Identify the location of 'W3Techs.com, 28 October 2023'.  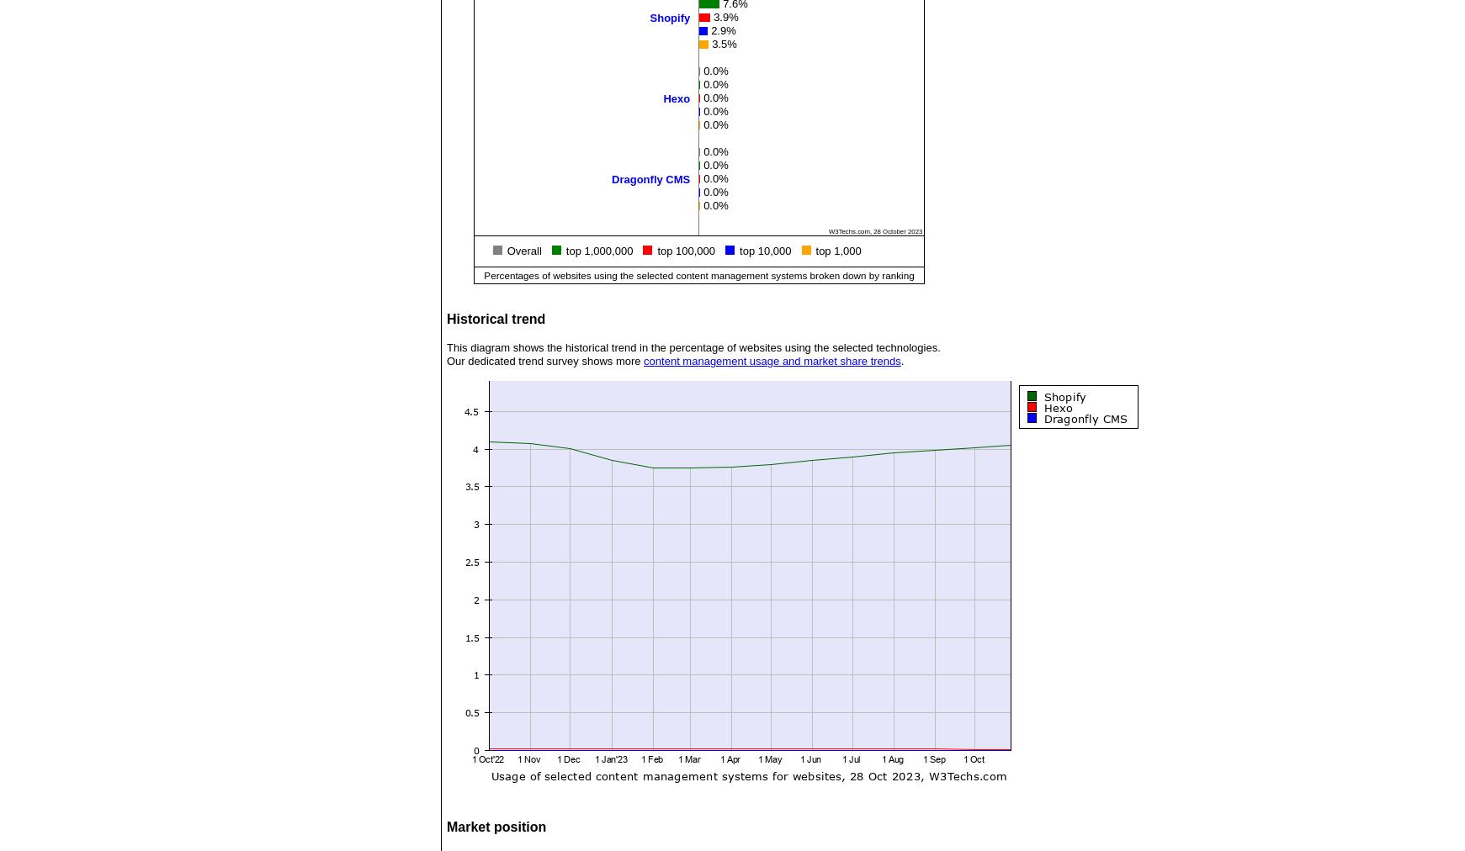
(875, 230).